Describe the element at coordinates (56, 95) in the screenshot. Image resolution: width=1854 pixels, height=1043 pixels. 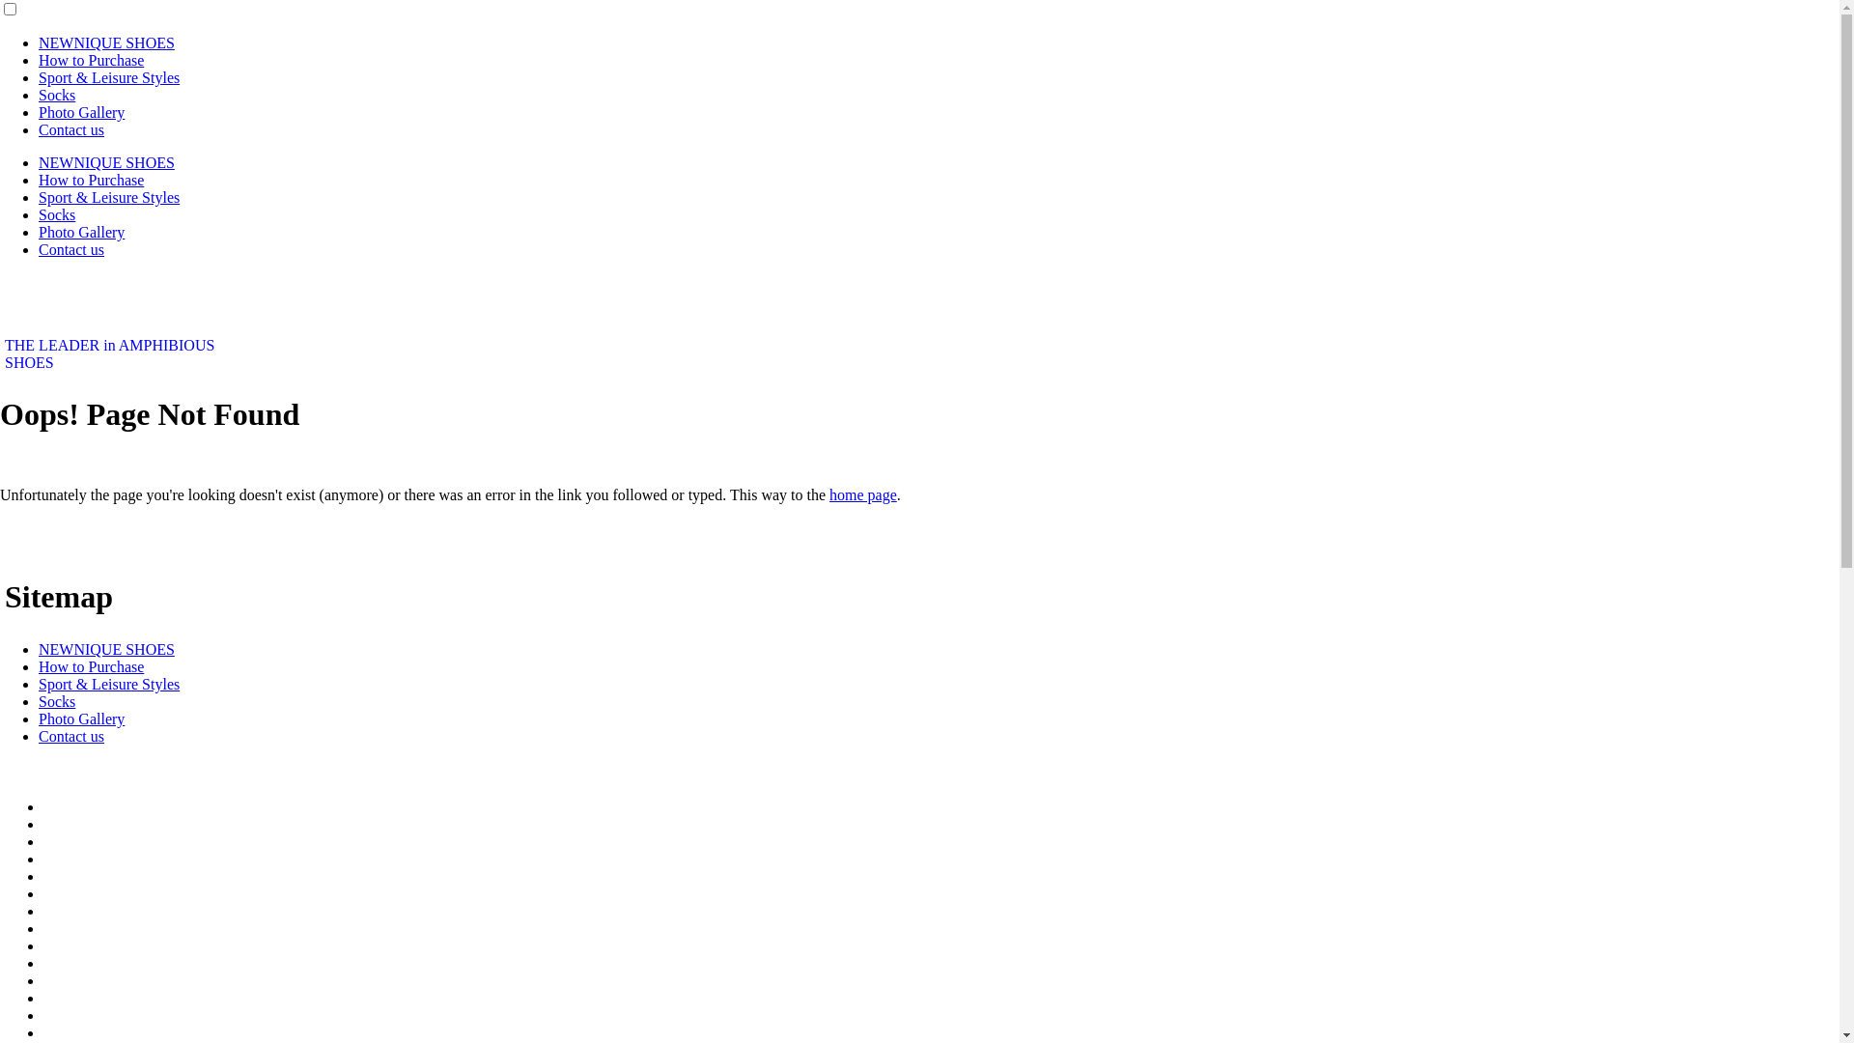
I see `'Socks'` at that location.